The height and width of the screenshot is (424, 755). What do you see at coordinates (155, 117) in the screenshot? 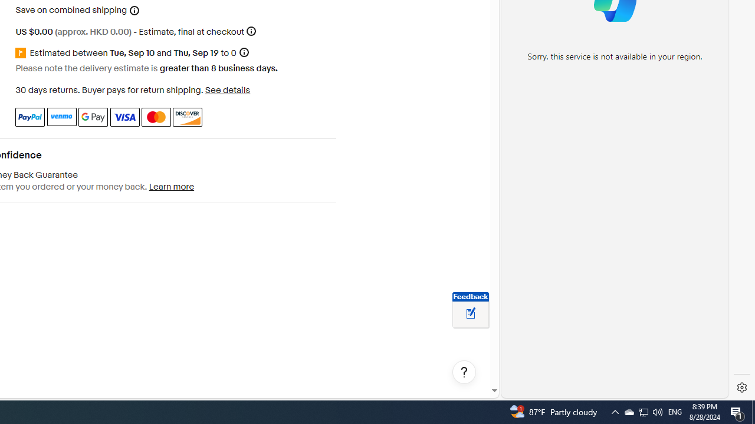
I see `'Master Card'` at bounding box center [155, 117].